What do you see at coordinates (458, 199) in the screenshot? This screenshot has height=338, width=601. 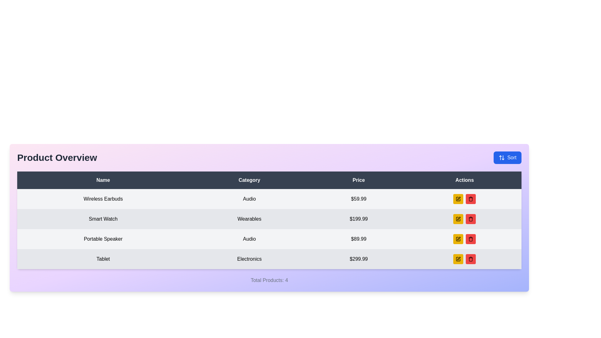 I see `the yellow pen icon button located in the 'Actions' column of the product table for the 'Portable Speaker', which is the second button from the left` at bounding box center [458, 199].